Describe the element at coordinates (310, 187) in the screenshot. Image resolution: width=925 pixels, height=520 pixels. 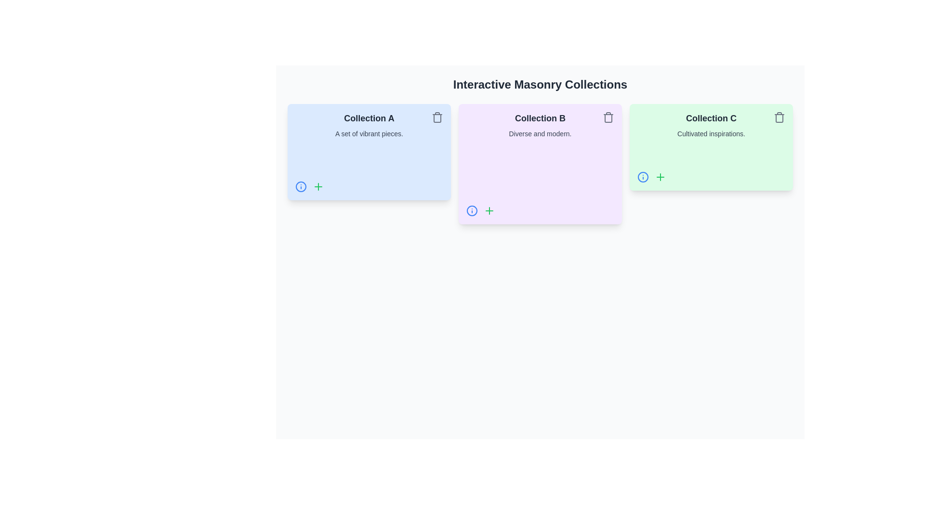
I see `the blue 'info' icon located in the bottom-left corner of the 'Collection A' card` at that location.